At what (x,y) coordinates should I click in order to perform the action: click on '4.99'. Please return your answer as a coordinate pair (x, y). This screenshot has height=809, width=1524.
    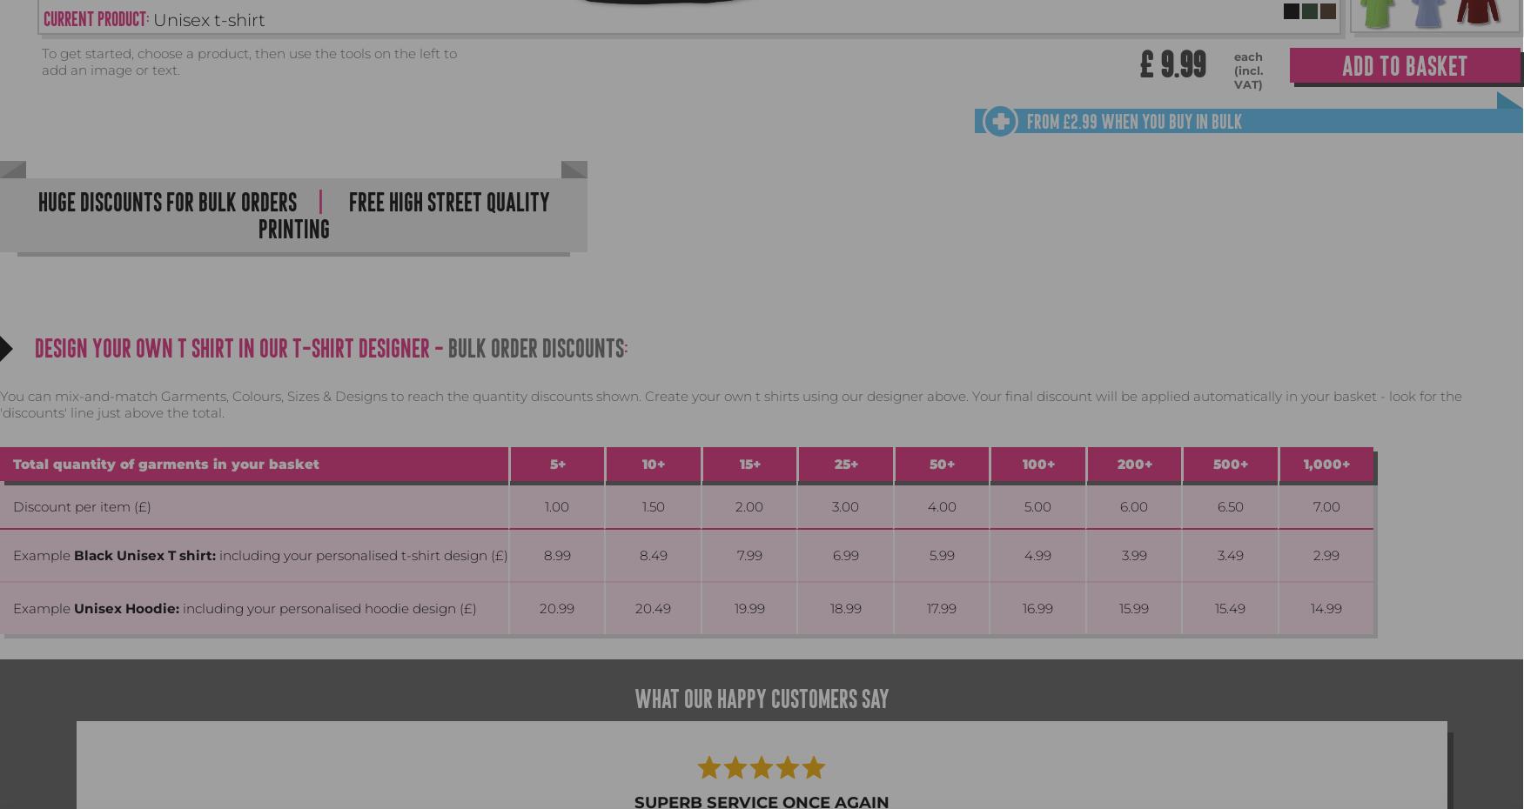
    Looking at the image, I should click on (1037, 554).